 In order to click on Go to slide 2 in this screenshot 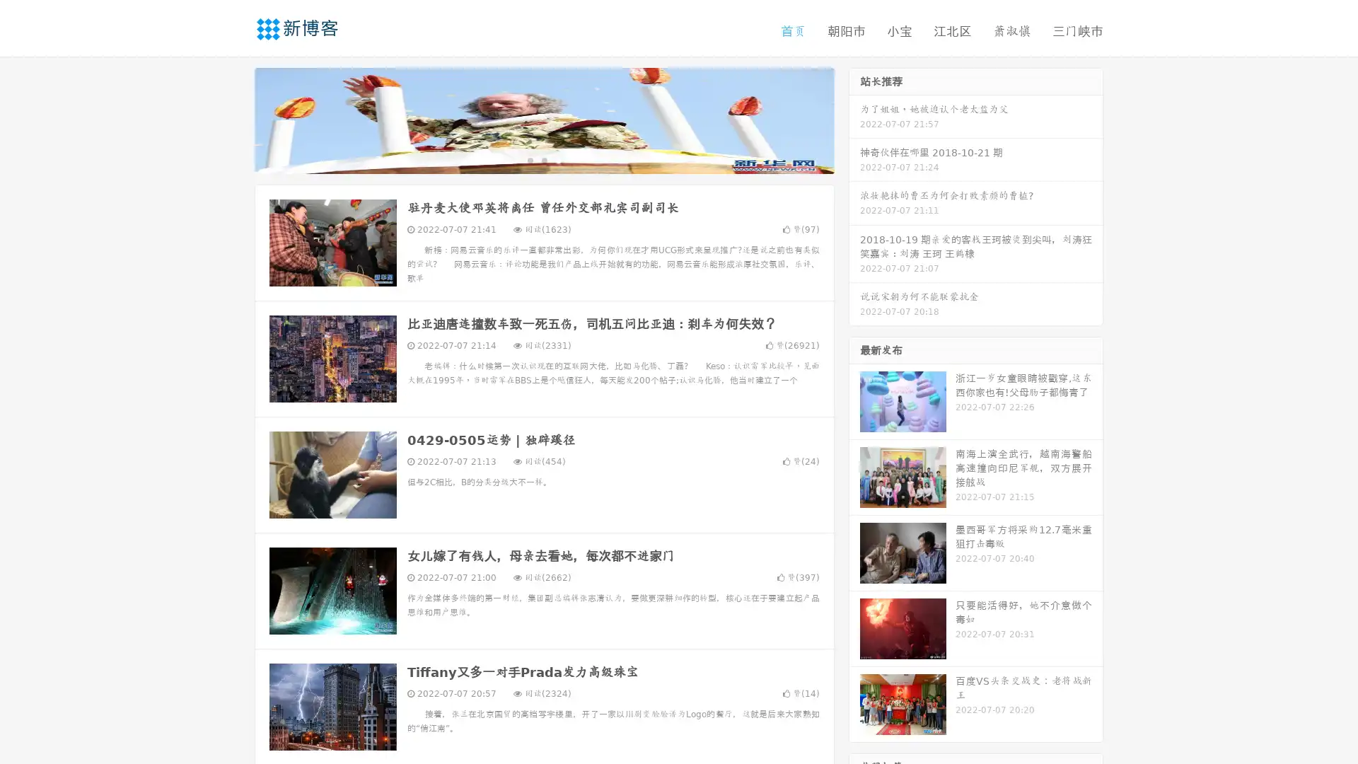, I will do `click(543, 159)`.